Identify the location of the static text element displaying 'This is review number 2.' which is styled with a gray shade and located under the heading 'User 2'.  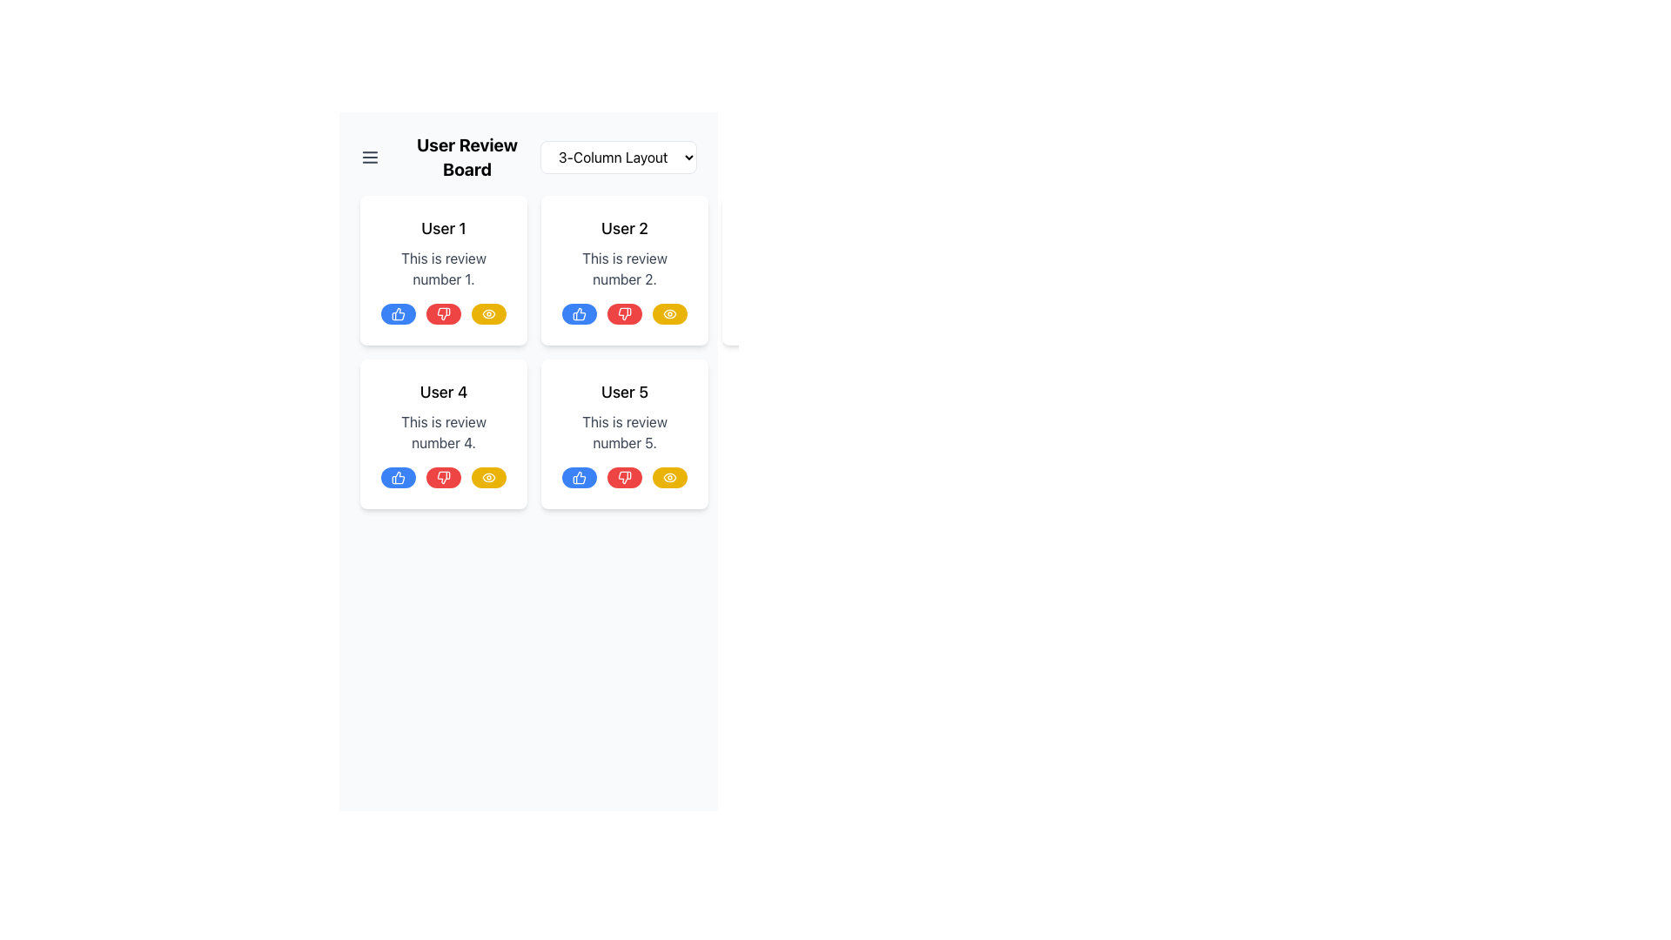
(625, 268).